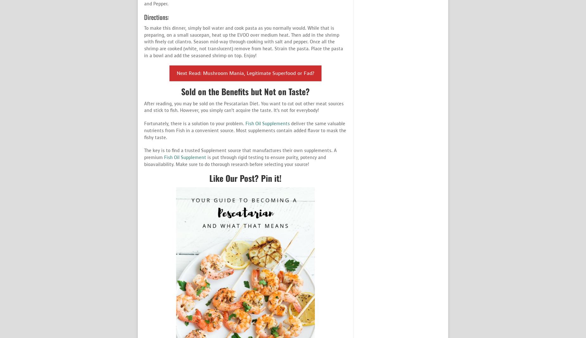  Describe the element at coordinates (268, 124) in the screenshot. I see `'Fish Oil Supplements'` at that location.